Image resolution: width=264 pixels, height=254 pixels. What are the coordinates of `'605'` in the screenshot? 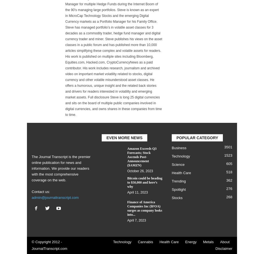 It's located at (229, 164).